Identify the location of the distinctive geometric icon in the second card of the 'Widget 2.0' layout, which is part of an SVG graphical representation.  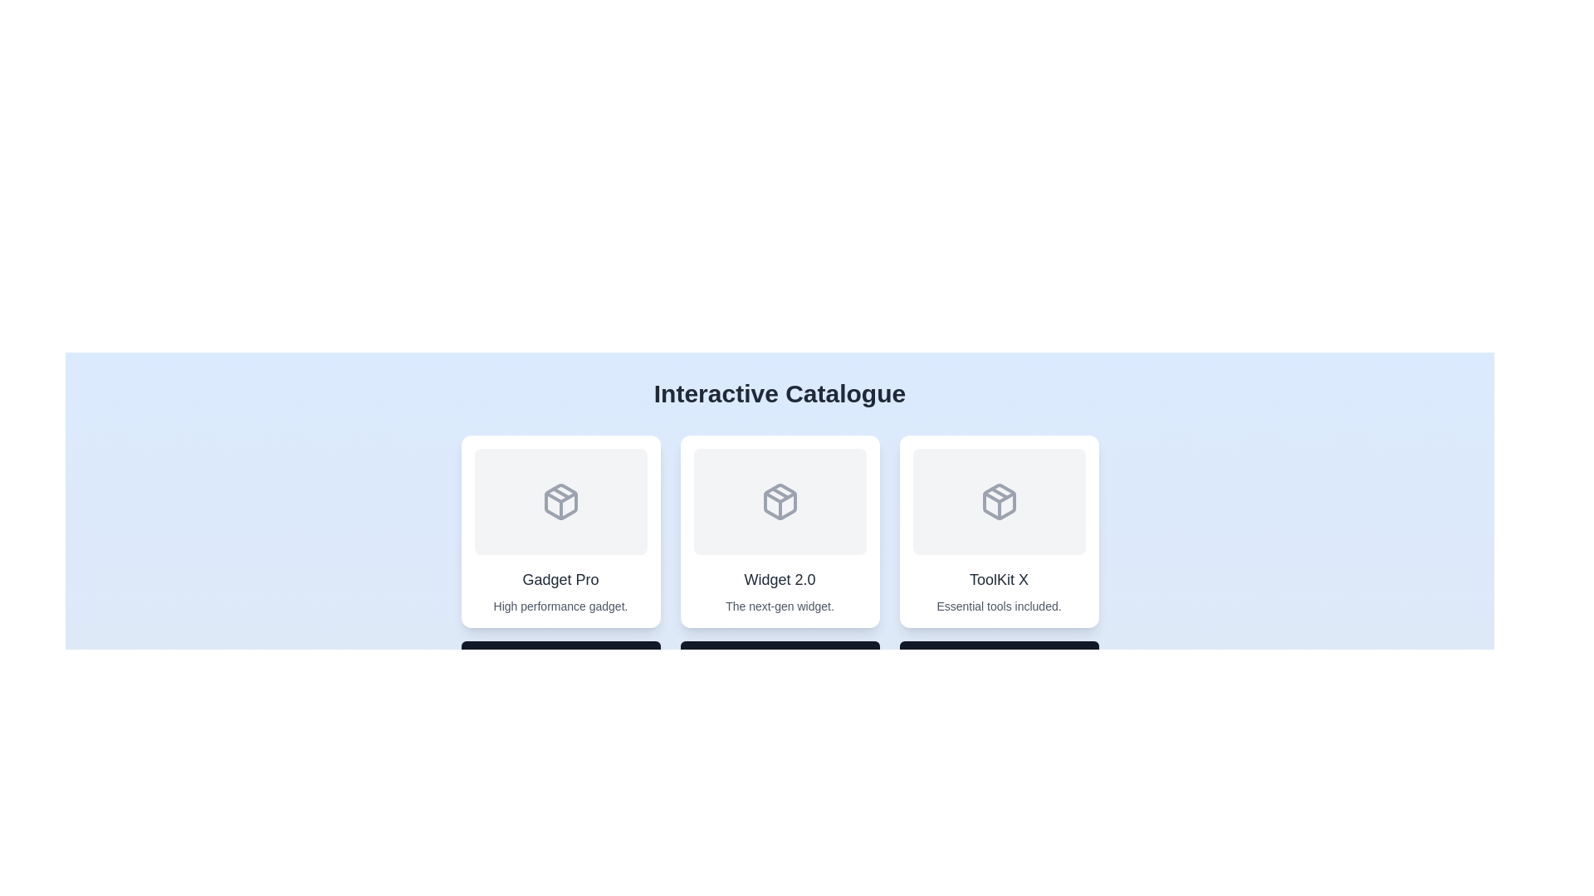
(779, 492).